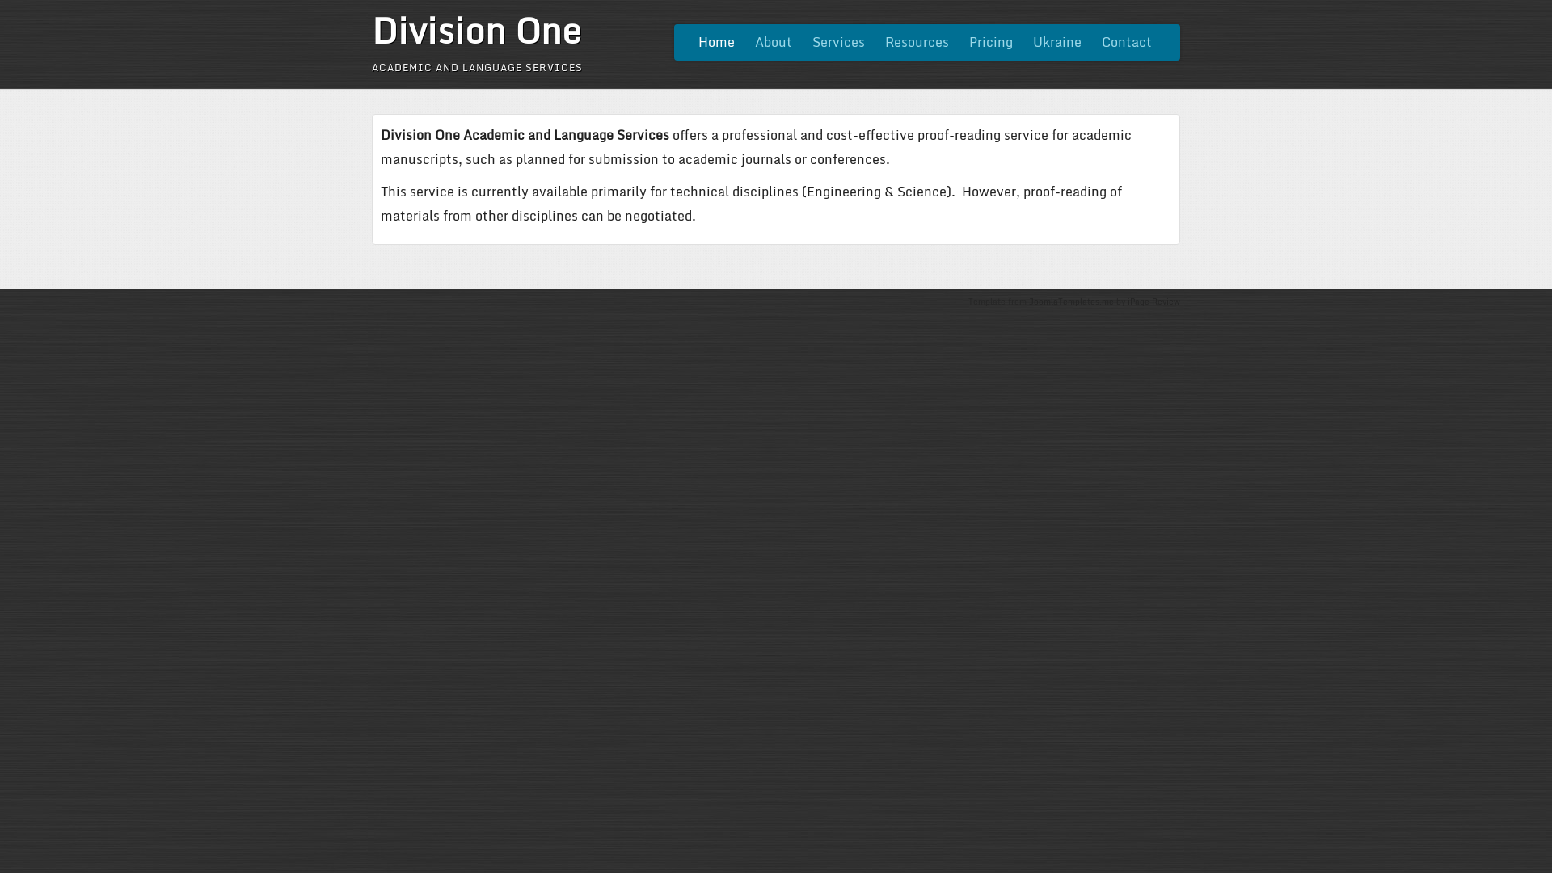 This screenshot has height=873, width=1552. I want to click on 'Services', so click(838, 41).